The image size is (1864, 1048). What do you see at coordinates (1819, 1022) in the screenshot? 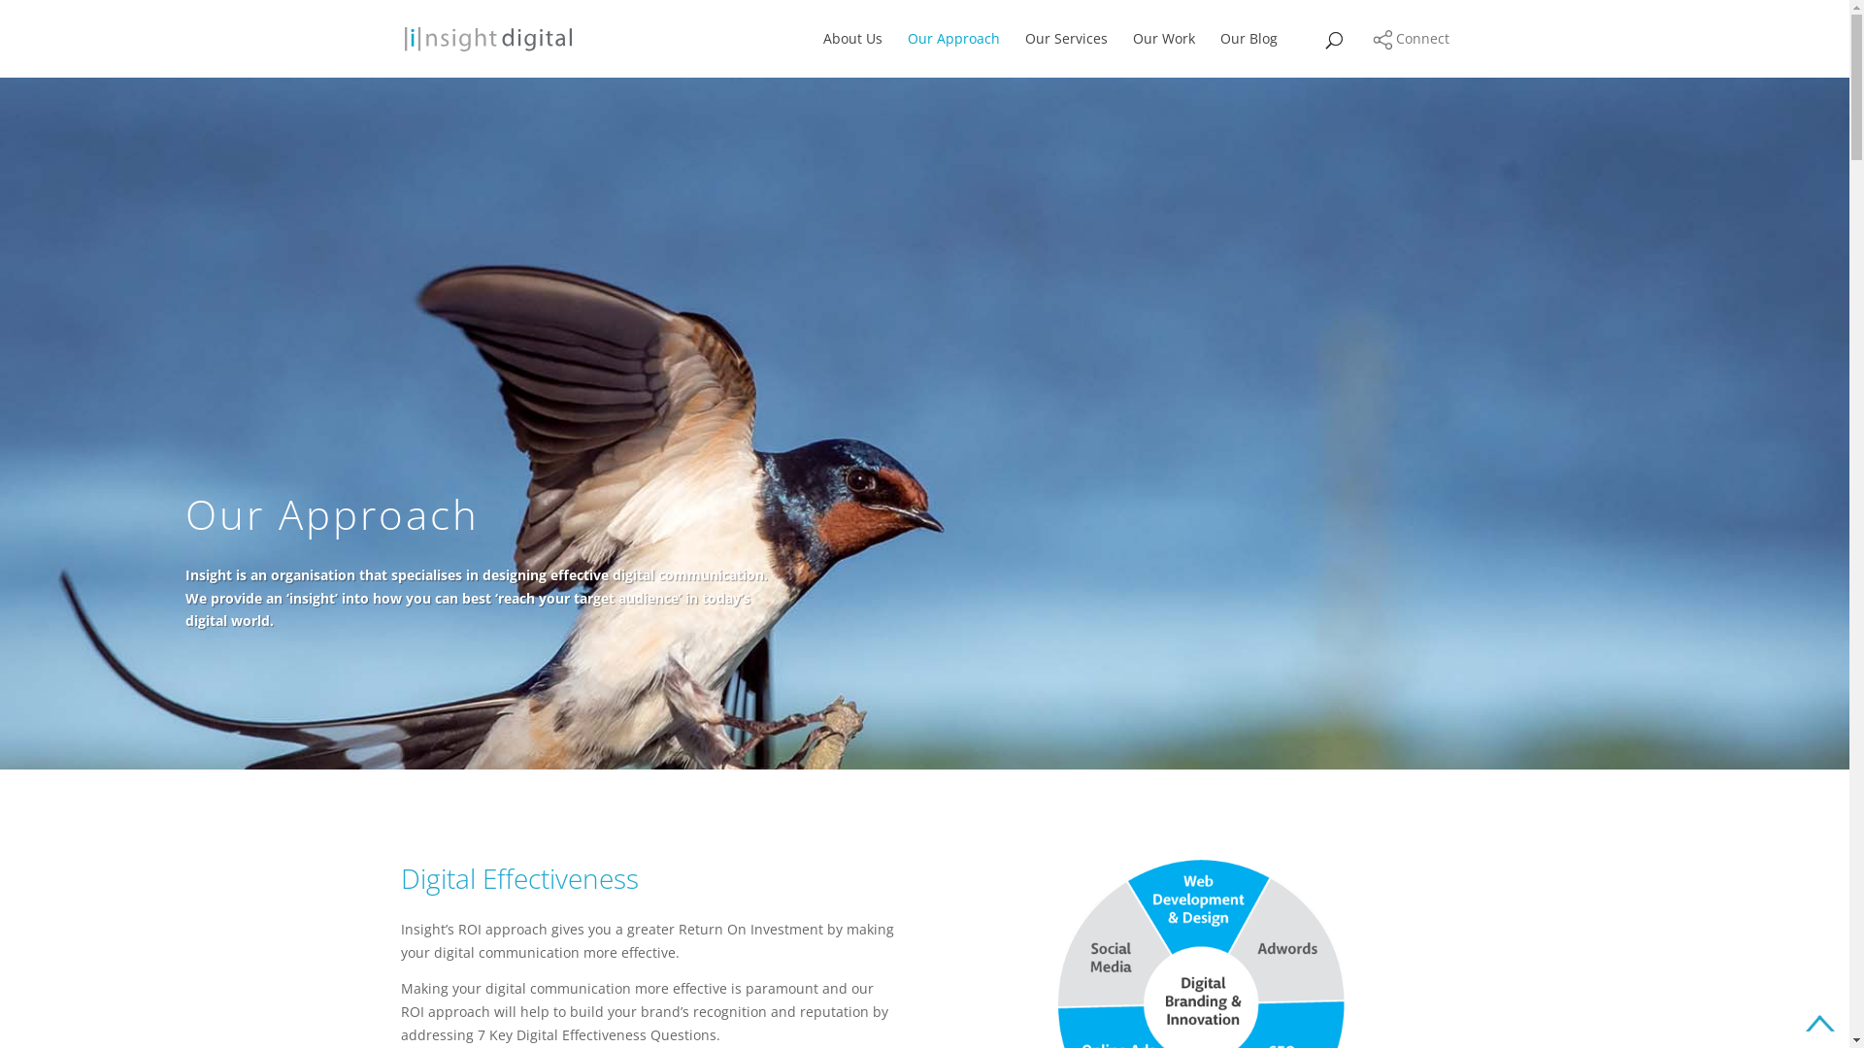
I see `'Go to top of page'` at bounding box center [1819, 1022].